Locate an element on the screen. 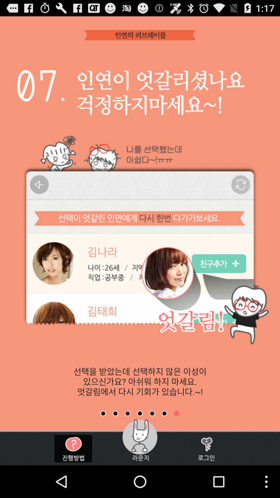 Image resolution: width=280 pixels, height=498 pixels. go back is located at coordinates (139, 413).